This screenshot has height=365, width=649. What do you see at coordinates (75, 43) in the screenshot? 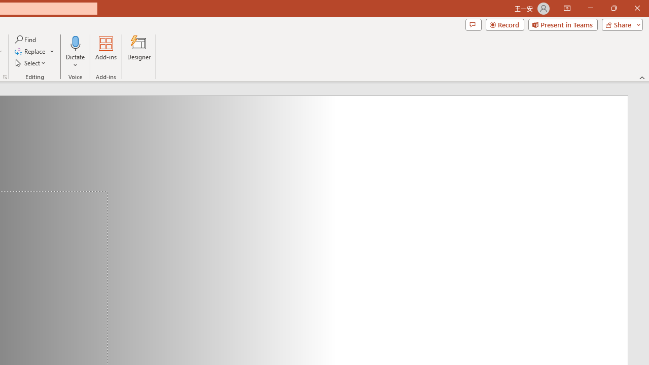
I see `'Dictate'` at bounding box center [75, 43].